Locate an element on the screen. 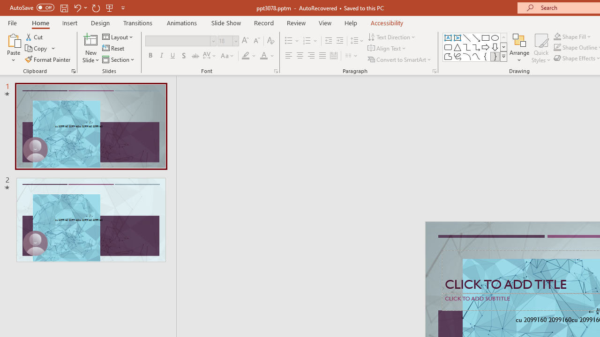 The width and height of the screenshot is (600, 337). 'Freeform: Scribble' is located at coordinates (457, 56).